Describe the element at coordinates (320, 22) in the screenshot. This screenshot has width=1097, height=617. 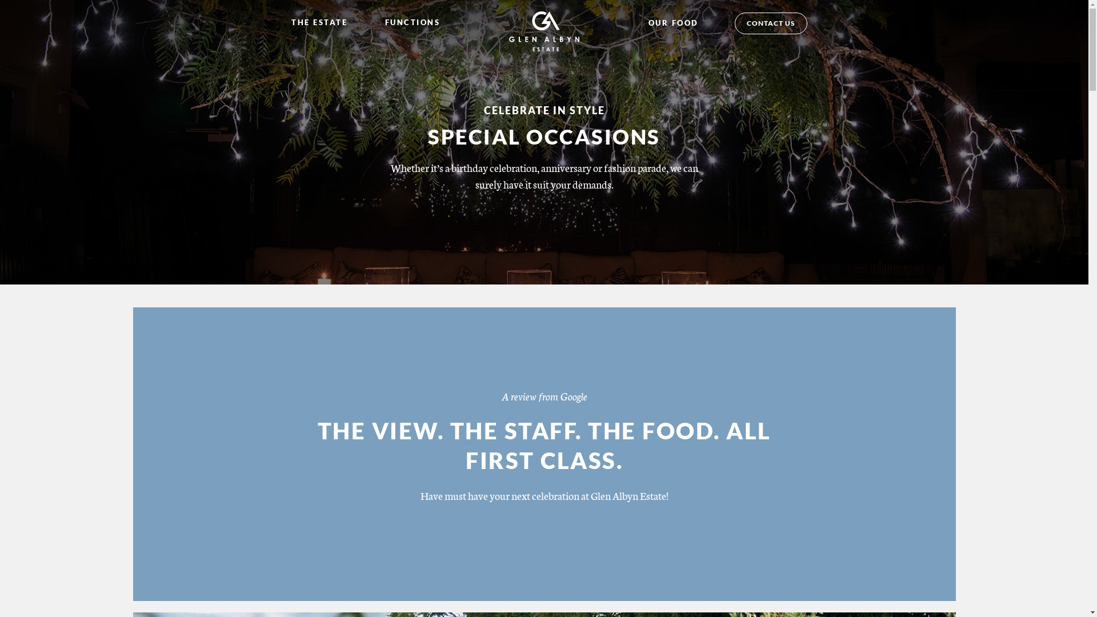
I see `'THE ESTATE'` at that location.